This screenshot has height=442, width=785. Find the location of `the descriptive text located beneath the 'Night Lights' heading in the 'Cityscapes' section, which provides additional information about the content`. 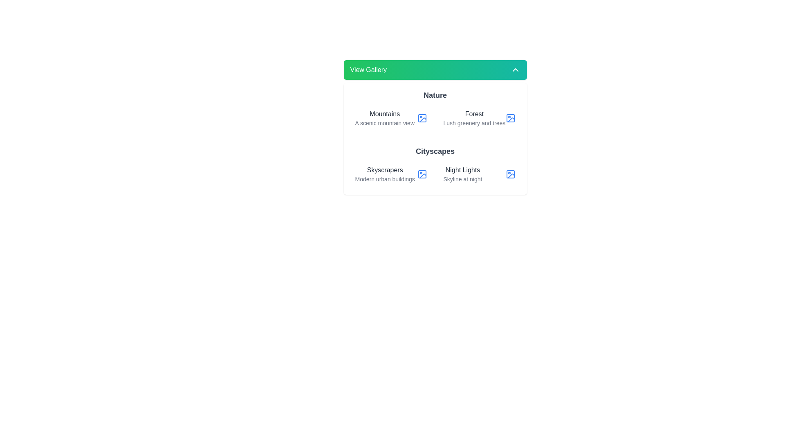

the descriptive text located beneath the 'Night Lights' heading in the 'Cityscapes' section, which provides additional information about the content is located at coordinates (463, 179).